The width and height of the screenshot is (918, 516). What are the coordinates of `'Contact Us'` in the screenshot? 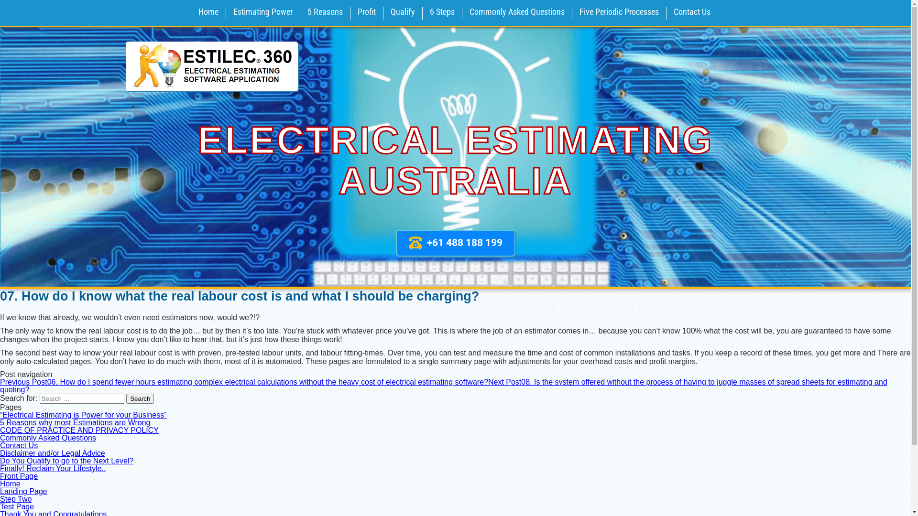 It's located at (19, 445).